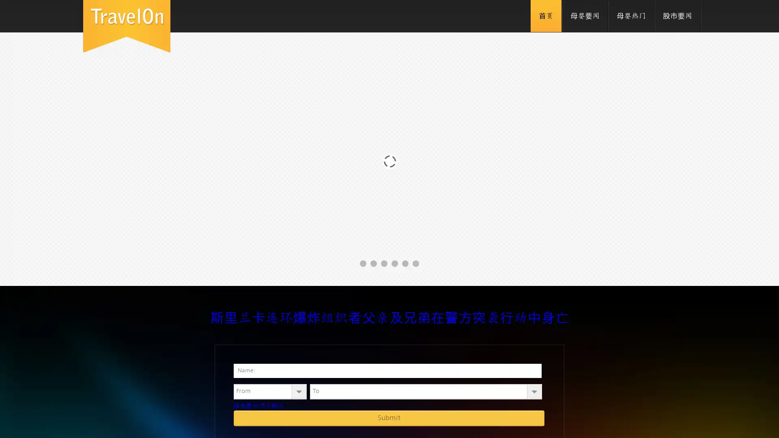  I want to click on submit, so click(389, 418).